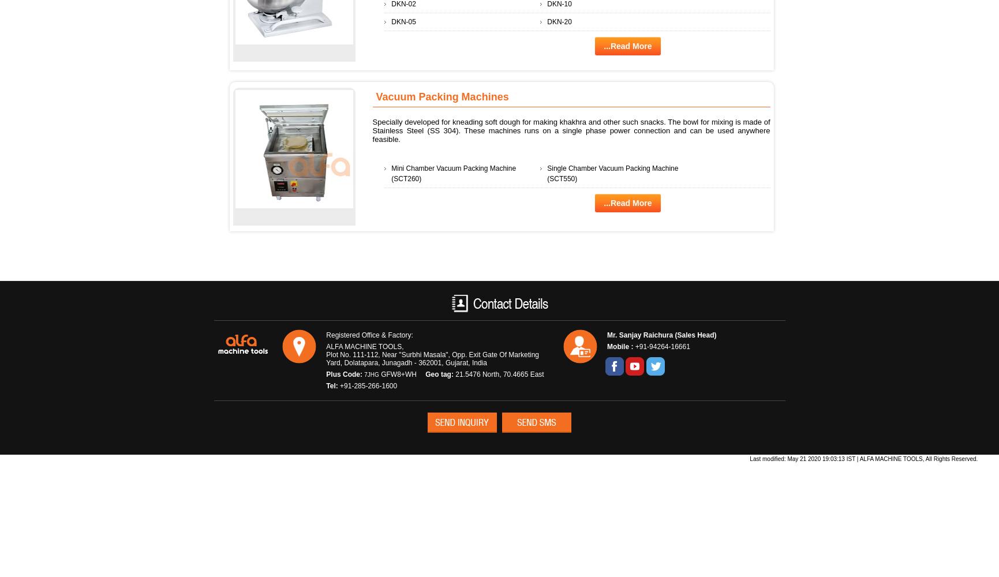 This screenshot has height=577, width=999. What do you see at coordinates (378, 374) in the screenshot?
I see `'GFW8+WH'` at bounding box center [378, 374].